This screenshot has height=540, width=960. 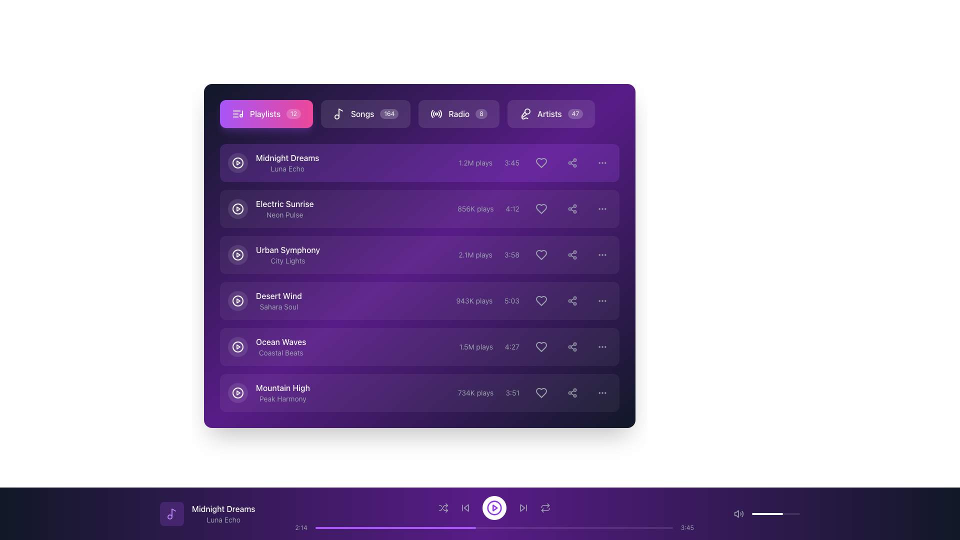 What do you see at coordinates (579, 527) in the screenshot?
I see `playback time` at bounding box center [579, 527].